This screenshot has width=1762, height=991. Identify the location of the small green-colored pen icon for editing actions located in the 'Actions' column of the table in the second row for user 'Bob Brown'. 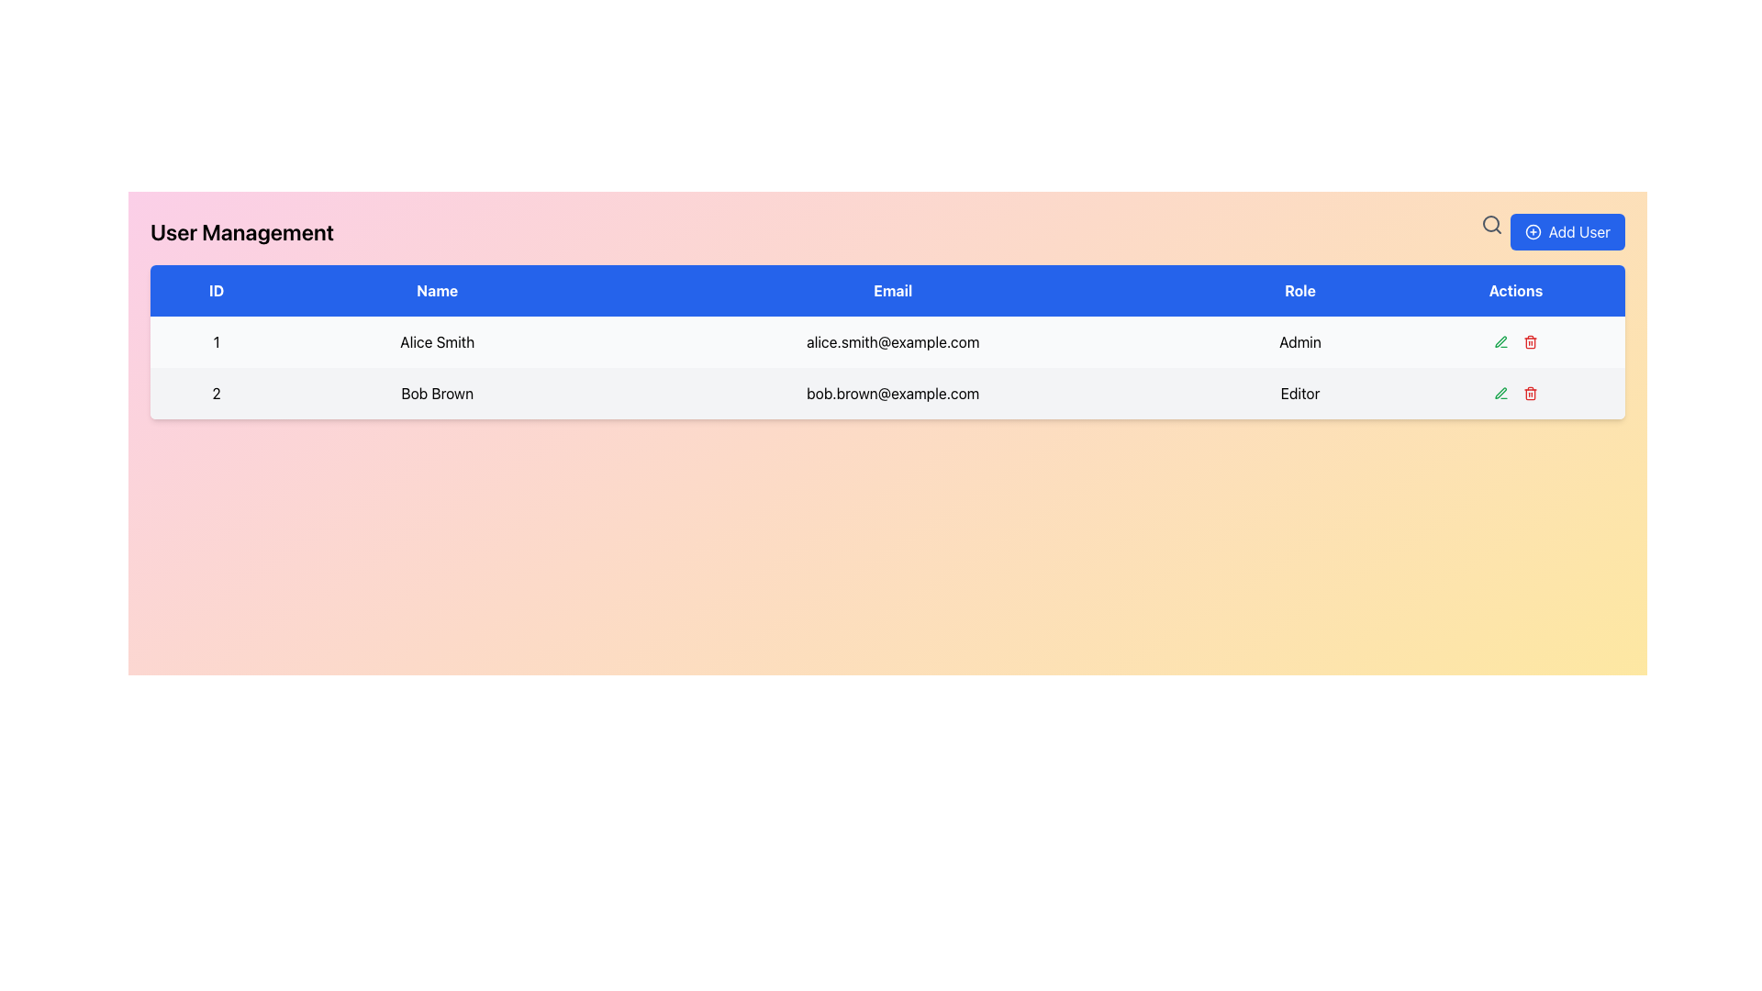
(1500, 342).